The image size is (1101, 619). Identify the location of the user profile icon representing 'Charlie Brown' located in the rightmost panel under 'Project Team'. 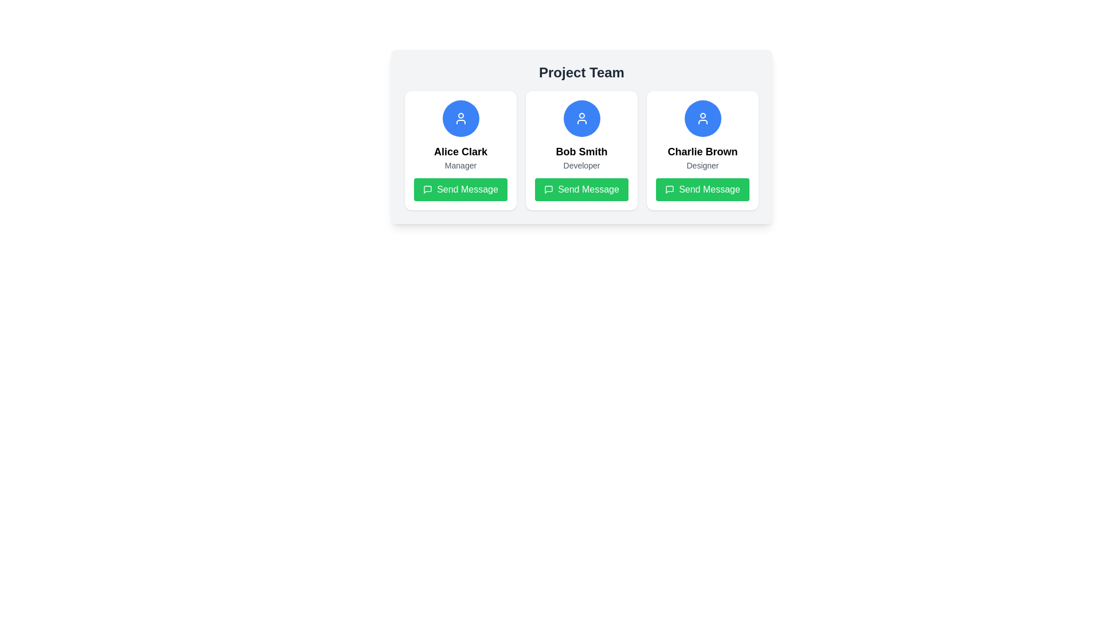
(702, 119).